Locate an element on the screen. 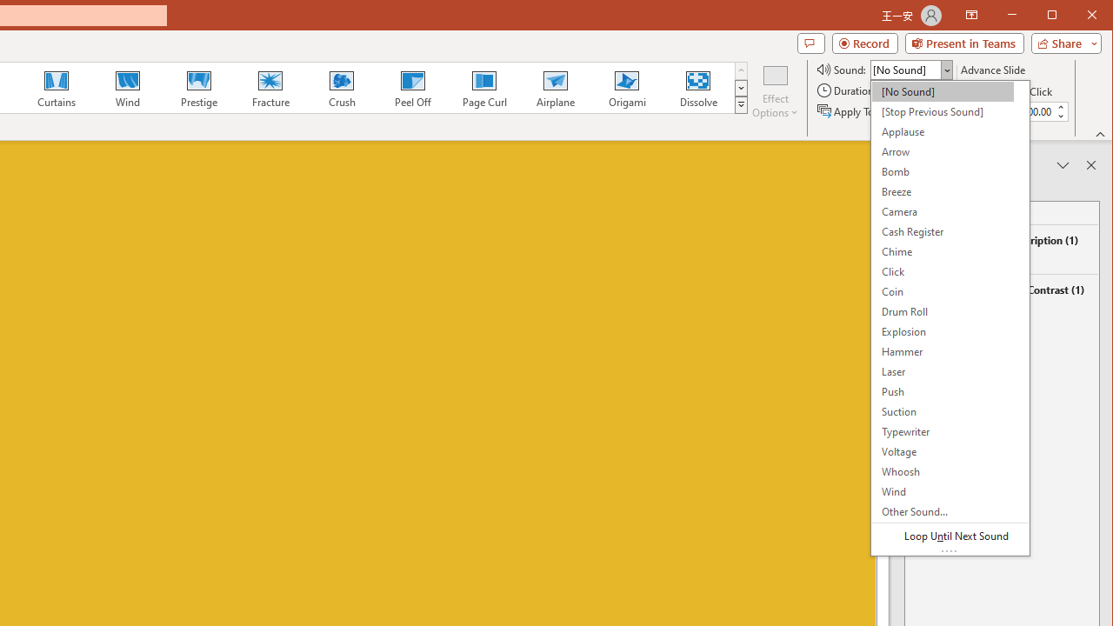  'Dissolve' is located at coordinates (697, 87).